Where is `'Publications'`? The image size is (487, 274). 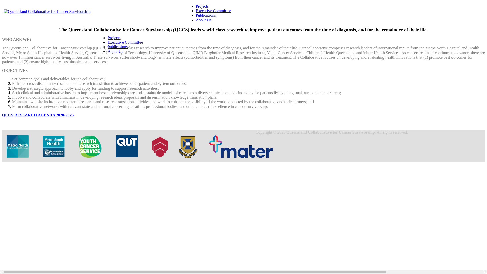
'Publications' is located at coordinates (107, 47).